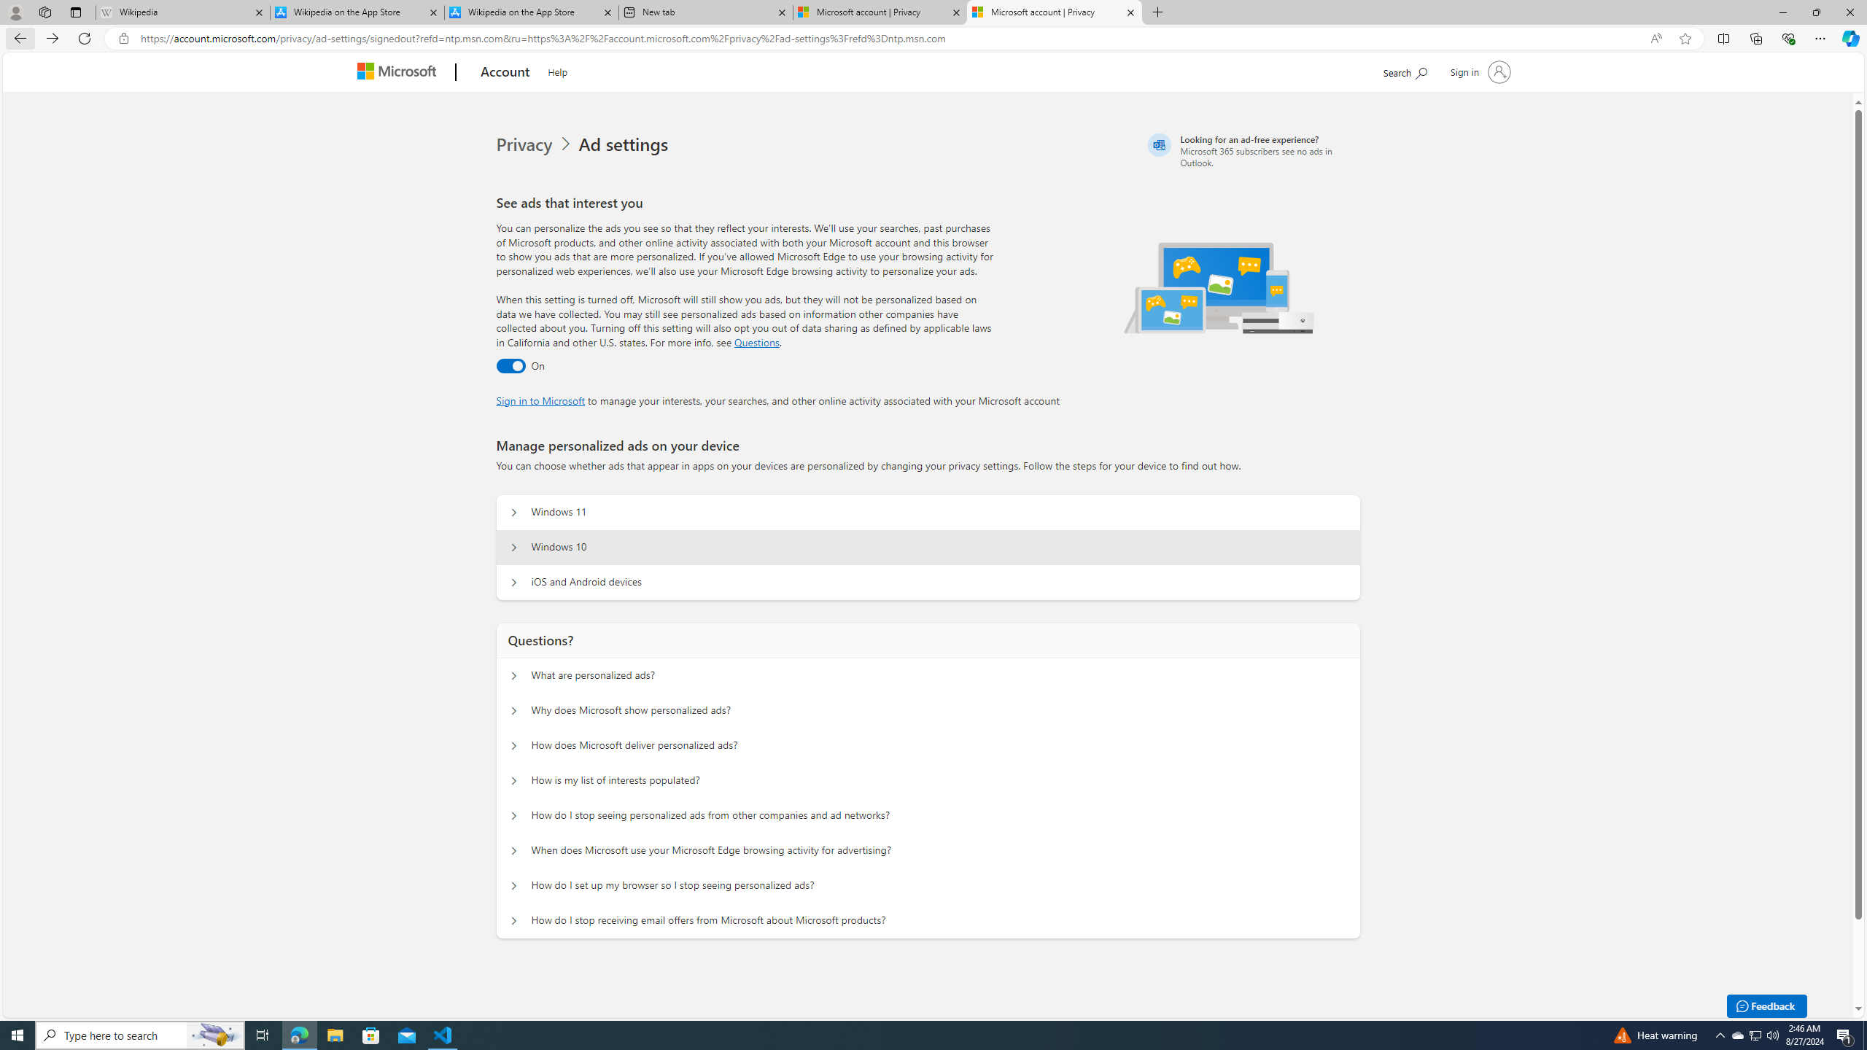 This screenshot has width=1867, height=1050. Describe the element at coordinates (514, 512) in the screenshot. I see `'Manage personalized ads on your device Windows 11'` at that location.